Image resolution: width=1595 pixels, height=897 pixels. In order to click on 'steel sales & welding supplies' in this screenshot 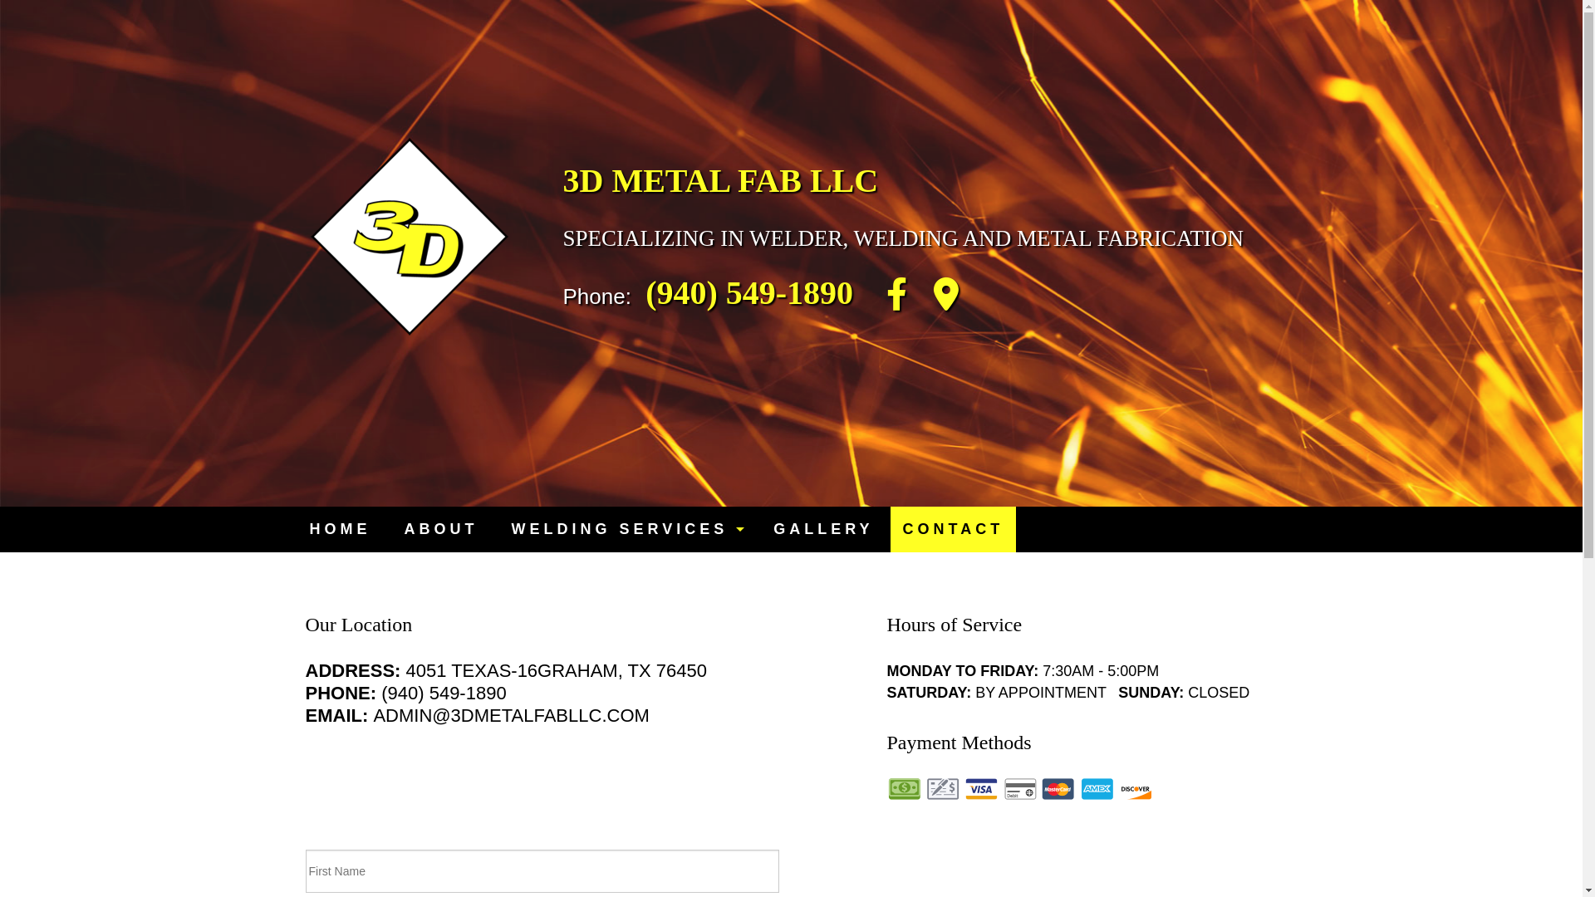, I will do `click(625, 635)`.